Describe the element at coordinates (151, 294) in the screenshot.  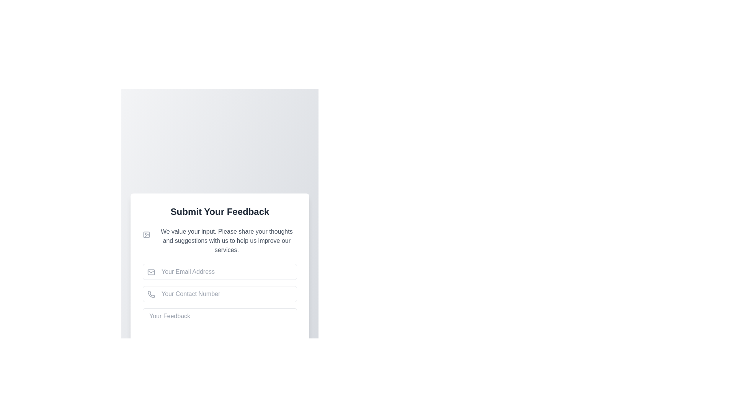
I see `the phone icon, which is a minimalist outline style icon located to the left of the 'Your Contact Number' text field, serving as a visual indicator for the field's purpose` at that location.